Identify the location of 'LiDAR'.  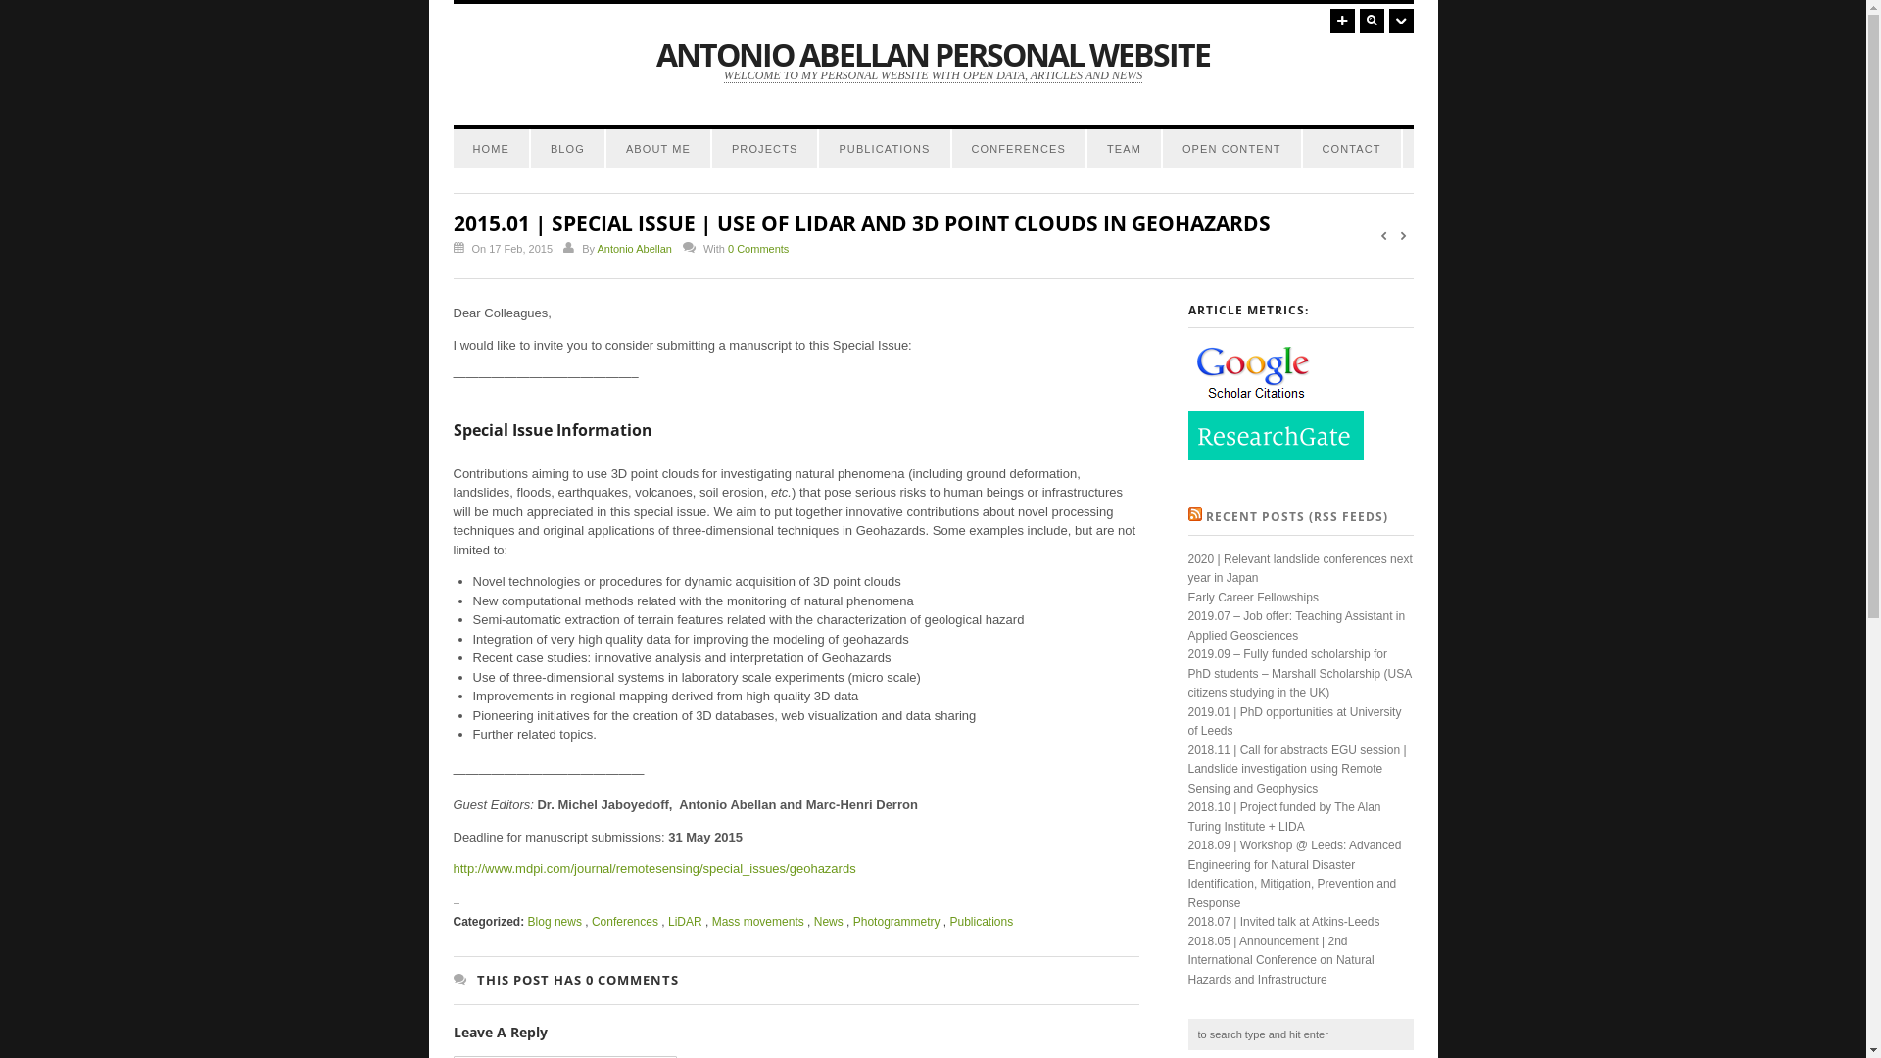
(685, 922).